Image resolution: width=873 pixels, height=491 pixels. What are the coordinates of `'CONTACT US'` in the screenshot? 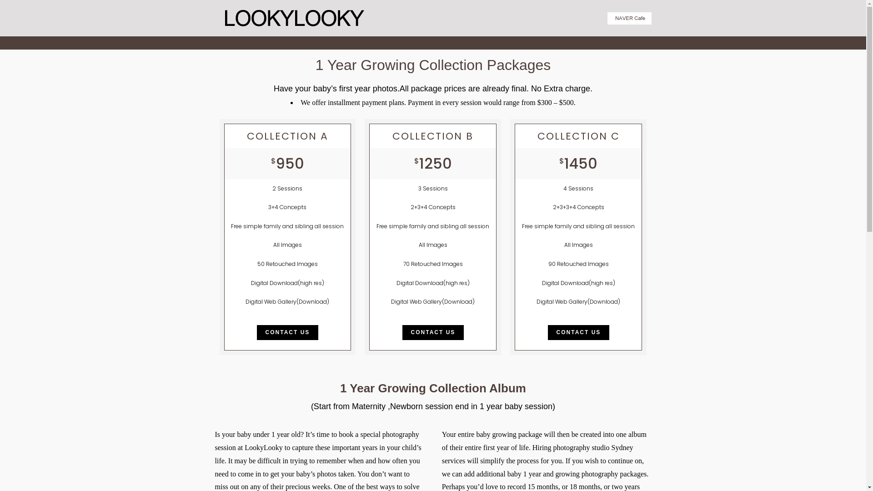 It's located at (287, 332).